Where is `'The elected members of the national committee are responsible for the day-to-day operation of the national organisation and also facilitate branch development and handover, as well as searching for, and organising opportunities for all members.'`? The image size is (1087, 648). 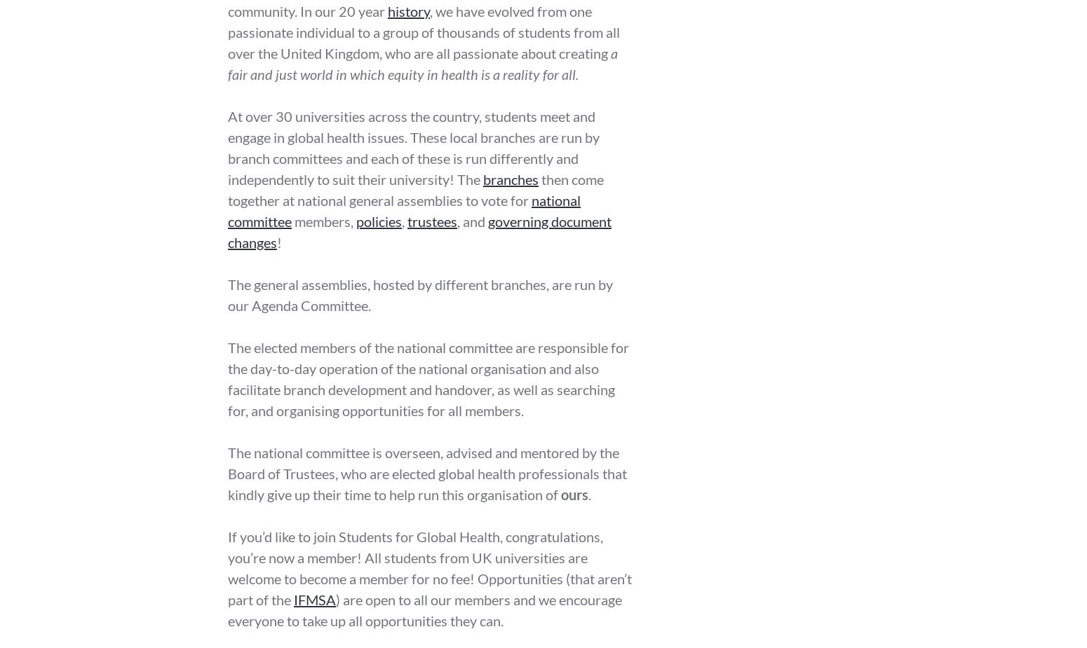 'The elected members of the national committee are responsible for the day-to-day operation of the national organisation and also facilitate branch development and handover, as well as searching for, and organising opportunities for all members.' is located at coordinates (428, 379).